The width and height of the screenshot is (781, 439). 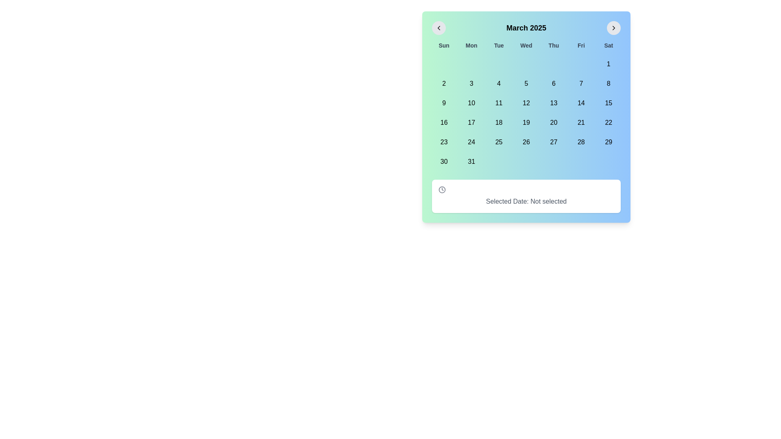 What do you see at coordinates (526, 45) in the screenshot?
I see `the text label displaying 'Wed', which is a bold, centered abbreviation in dark gray on a light blue background, located in the header section of the calendar interface` at bounding box center [526, 45].